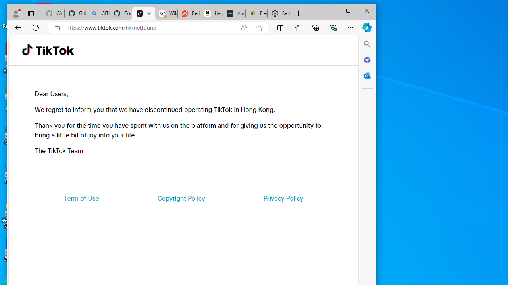 The image size is (508, 285). I want to click on 'Reddit - Dive into anything', so click(189, 13).